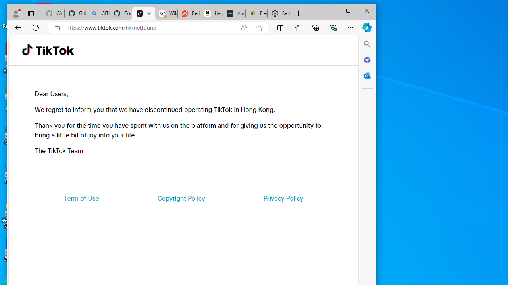 The image size is (508, 285). I want to click on 'Reddit - Dive into anything', so click(189, 13).